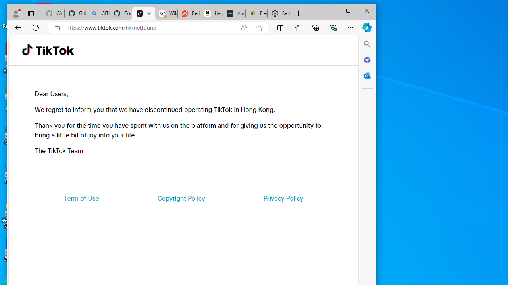 The image size is (508, 285). I want to click on 'Reddit - Dive into anything', so click(189, 13).